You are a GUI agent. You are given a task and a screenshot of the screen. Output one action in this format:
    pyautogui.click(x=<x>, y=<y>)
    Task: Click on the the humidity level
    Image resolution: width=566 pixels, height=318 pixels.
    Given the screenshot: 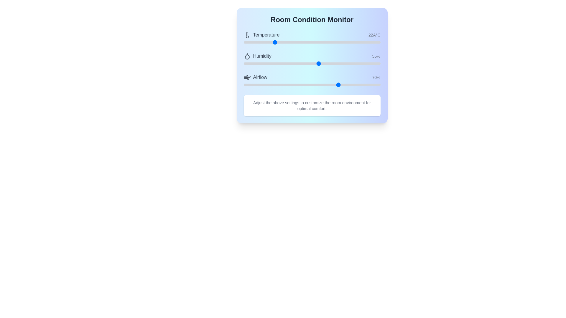 What is the action you would take?
    pyautogui.click(x=297, y=64)
    